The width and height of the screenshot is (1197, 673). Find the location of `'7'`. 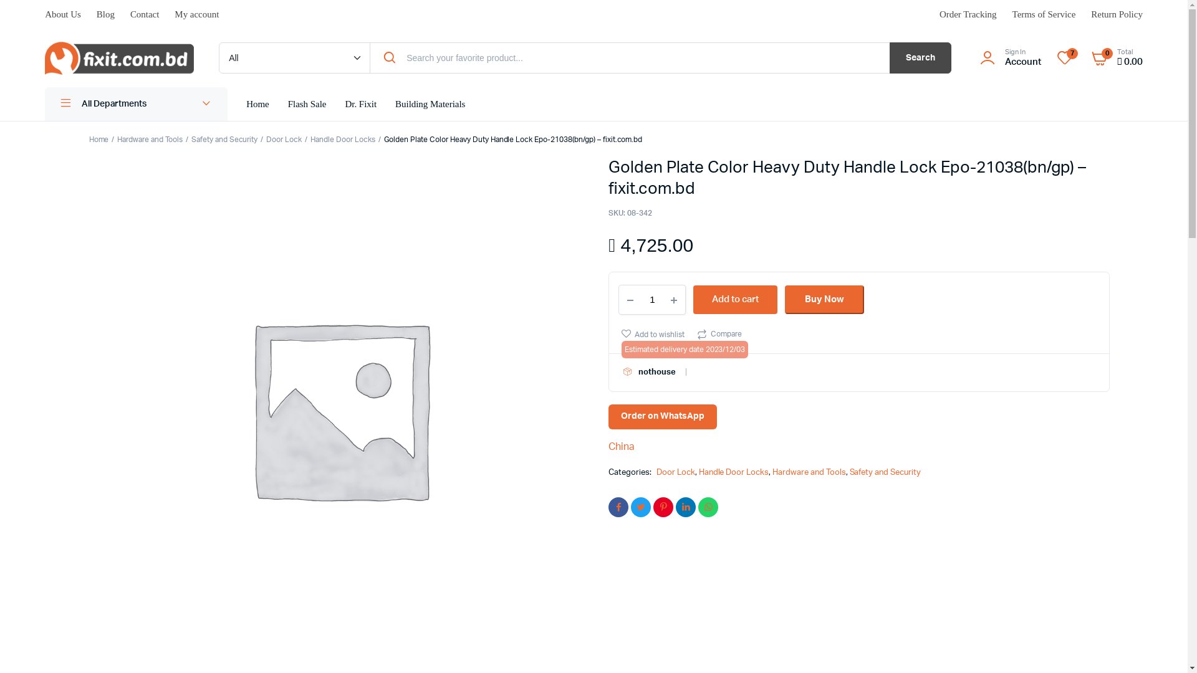

'7' is located at coordinates (1064, 57).